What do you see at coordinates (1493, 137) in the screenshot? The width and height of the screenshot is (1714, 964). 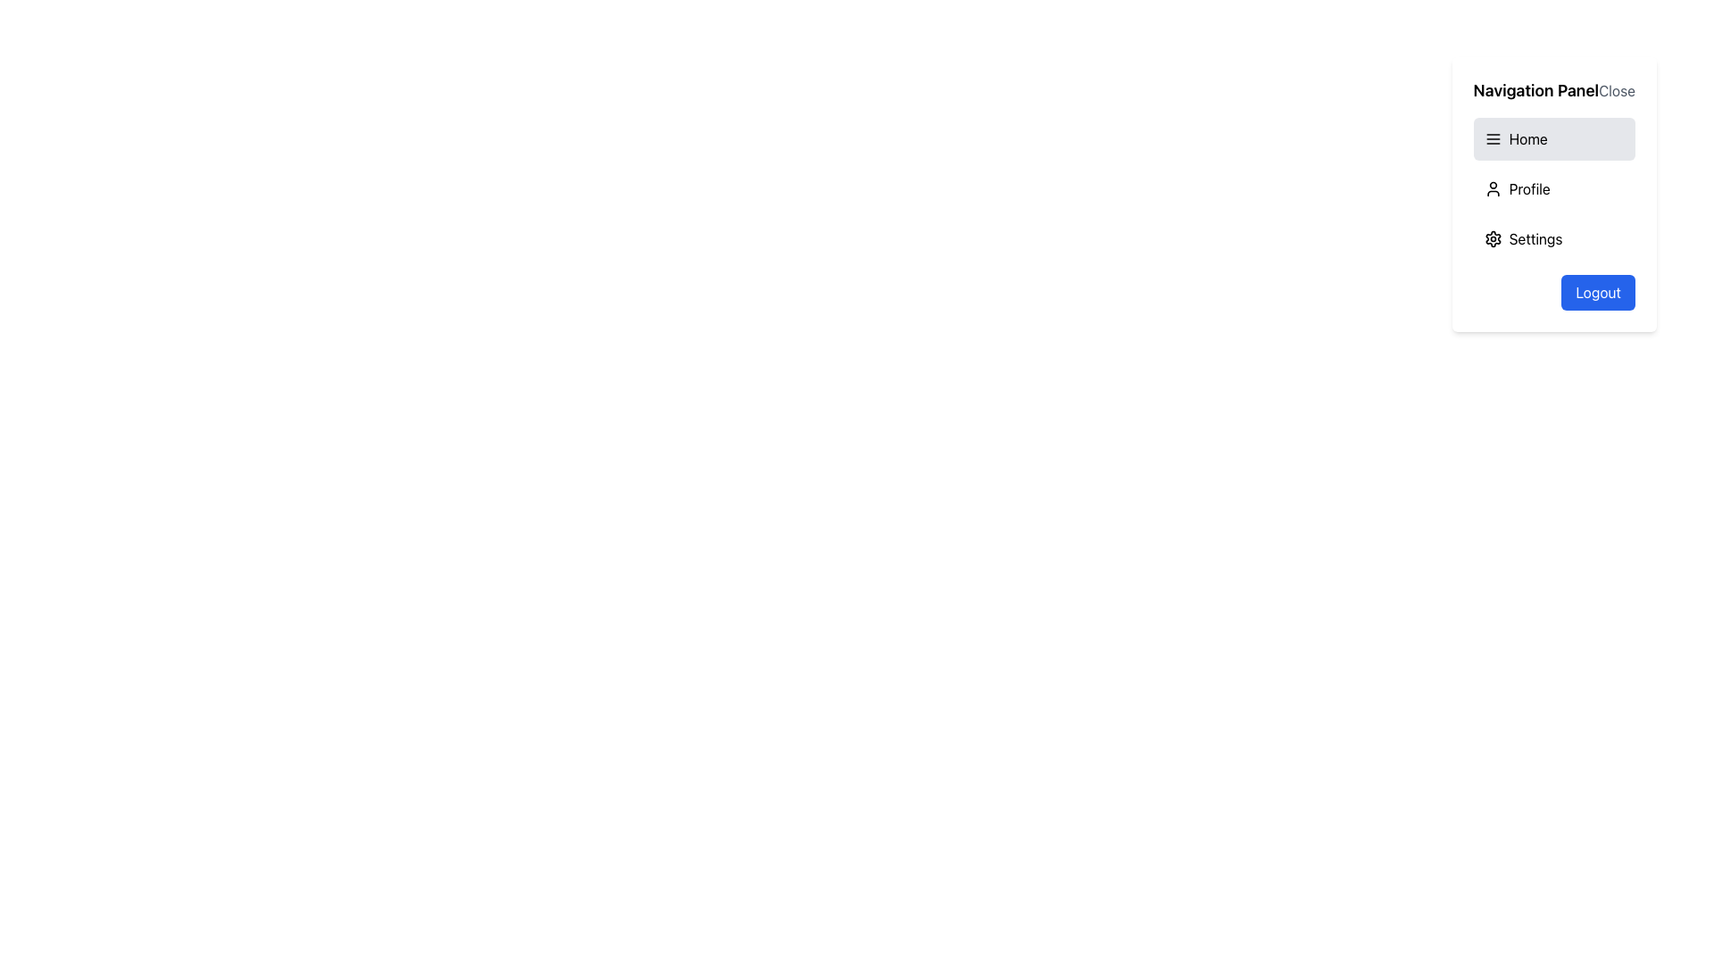 I see `the menu icon consisting of three parallel horizontal lines located at the left edge of the 'Home' section in the navigation panel for visual feedback or tooltips` at bounding box center [1493, 137].